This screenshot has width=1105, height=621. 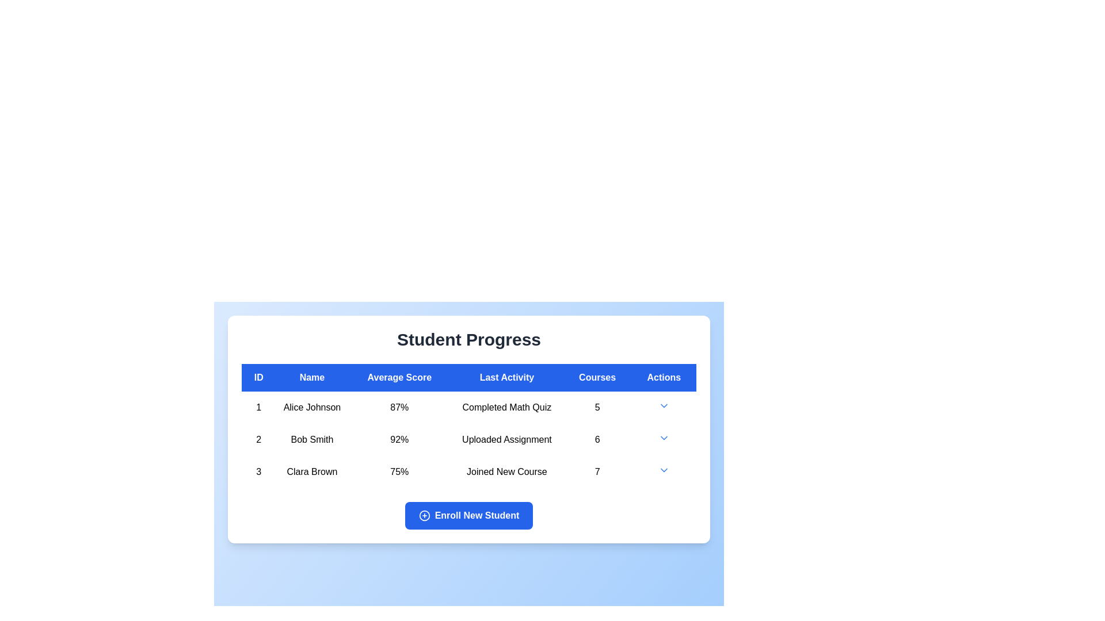 What do you see at coordinates (664, 407) in the screenshot?
I see `the dropdown toggle button in the 'Actions' column for 'Alice Johnson' in the first row` at bounding box center [664, 407].